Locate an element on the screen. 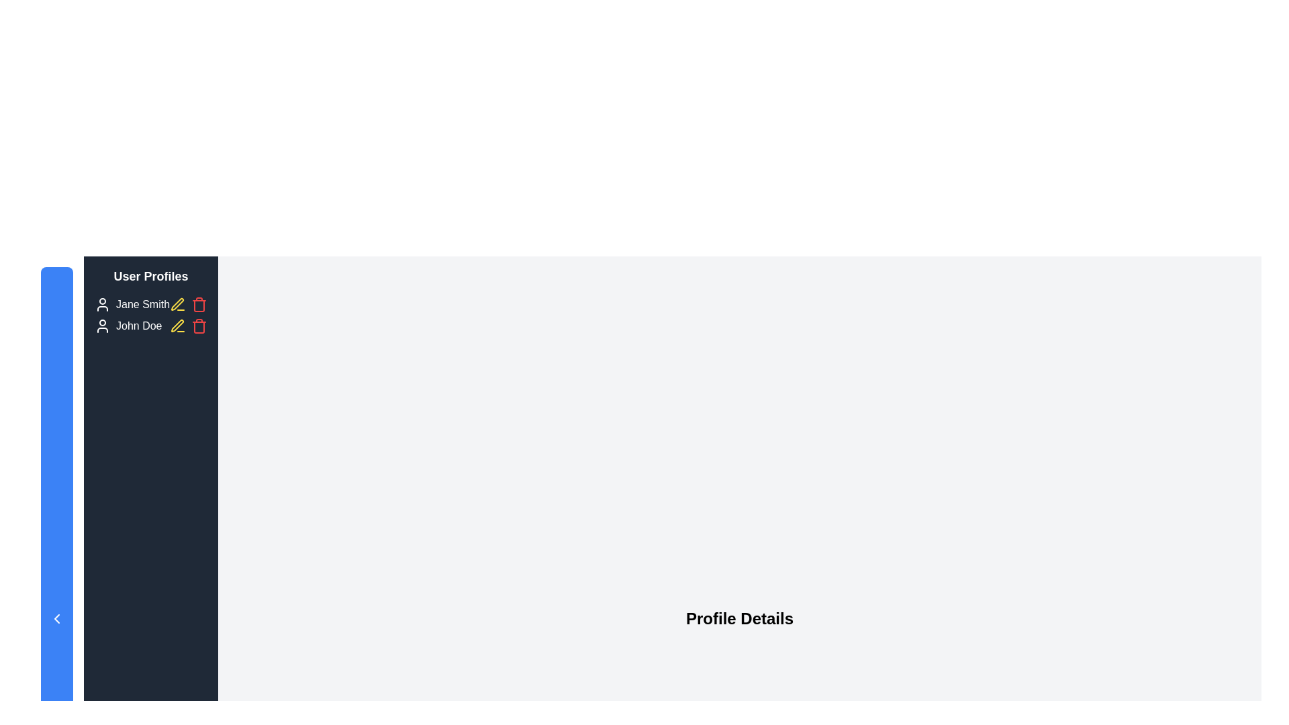  the delete icon located to the right of 'John Doe' in the user profile list to initiate a delete action is located at coordinates (188, 326).